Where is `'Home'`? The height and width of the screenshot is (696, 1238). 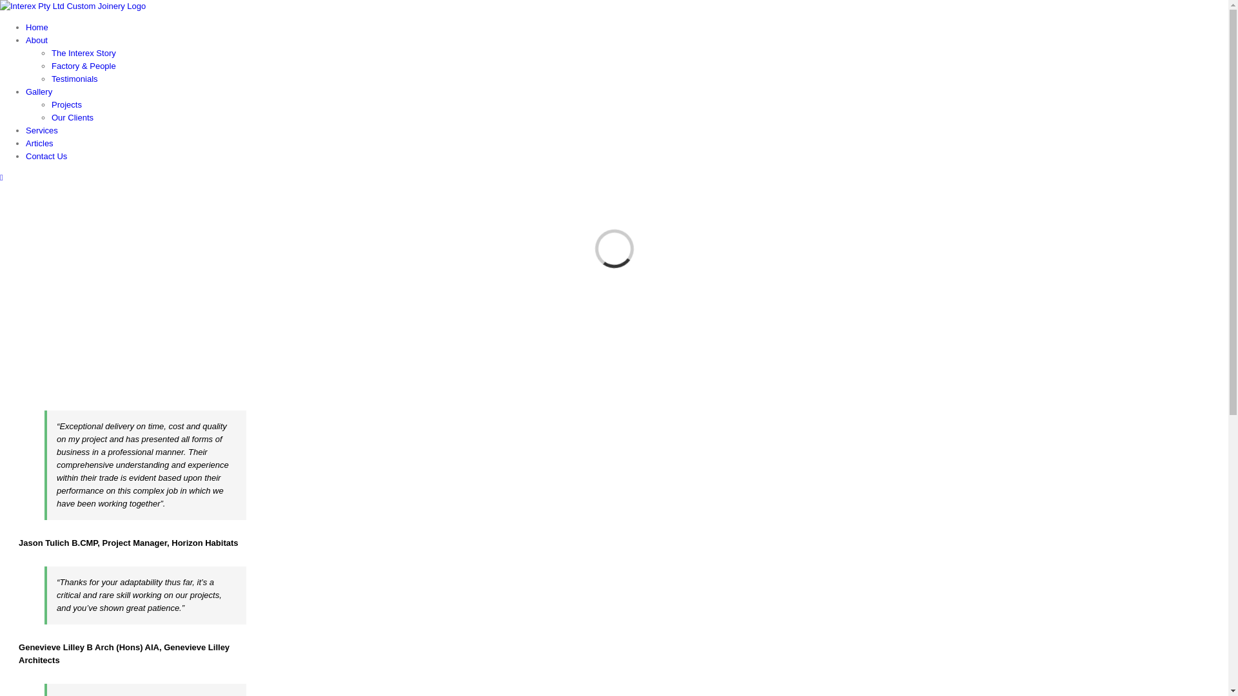
'Home' is located at coordinates (37, 27).